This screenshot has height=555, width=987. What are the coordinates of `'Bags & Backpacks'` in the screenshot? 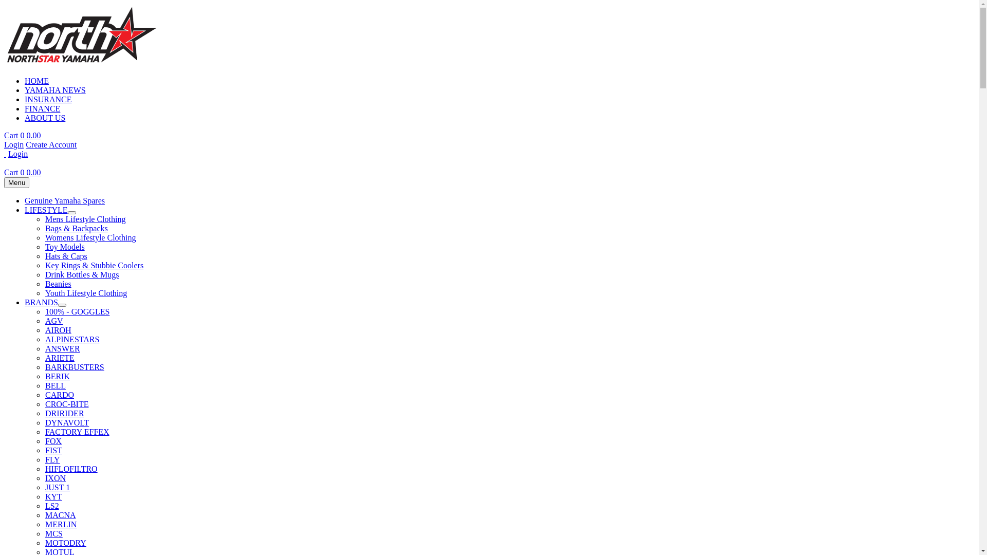 It's located at (76, 228).